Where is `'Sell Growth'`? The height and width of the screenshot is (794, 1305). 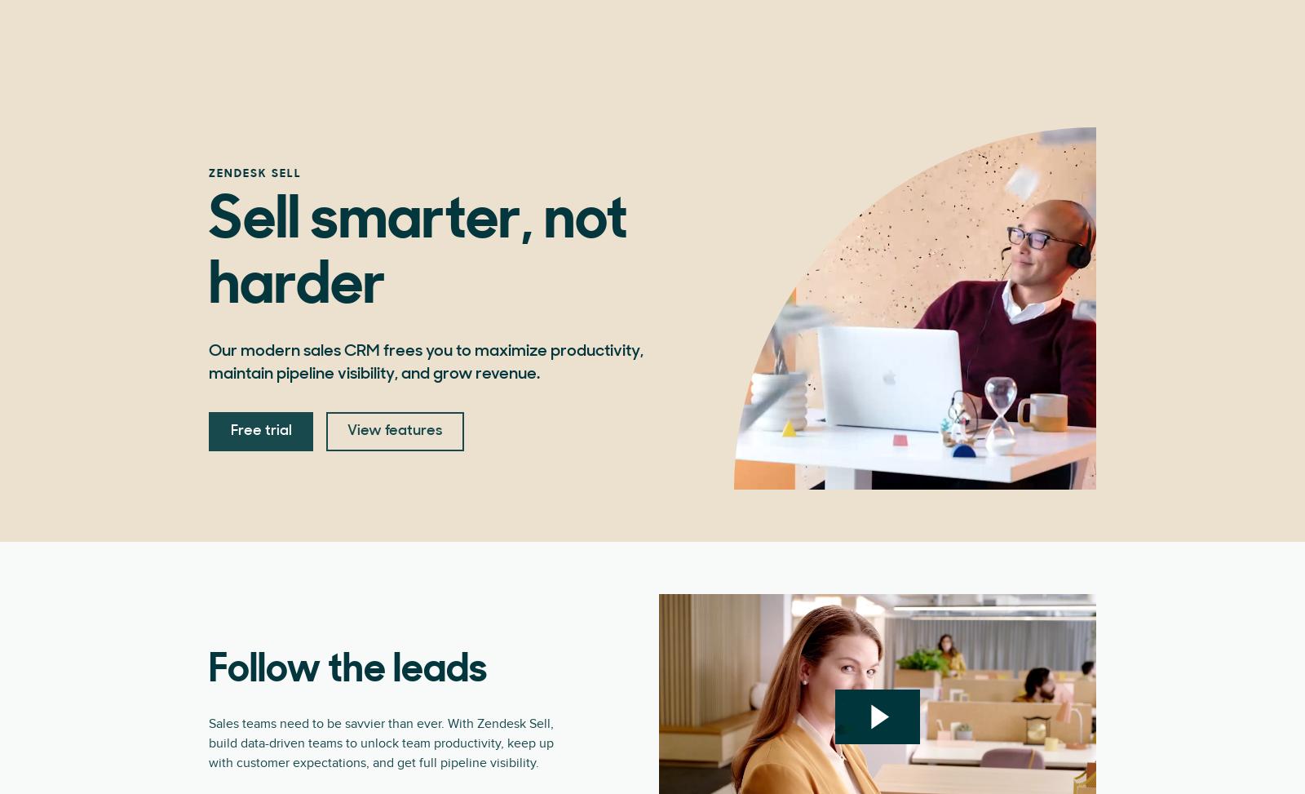
'Sell Growth' is located at coordinates (540, 58).